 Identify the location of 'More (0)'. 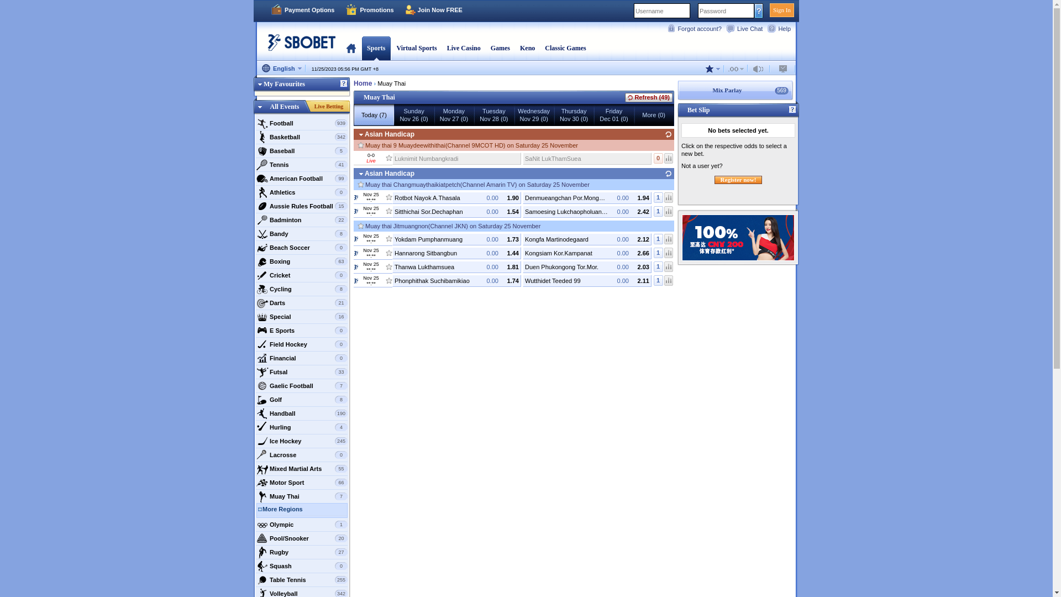
(653, 115).